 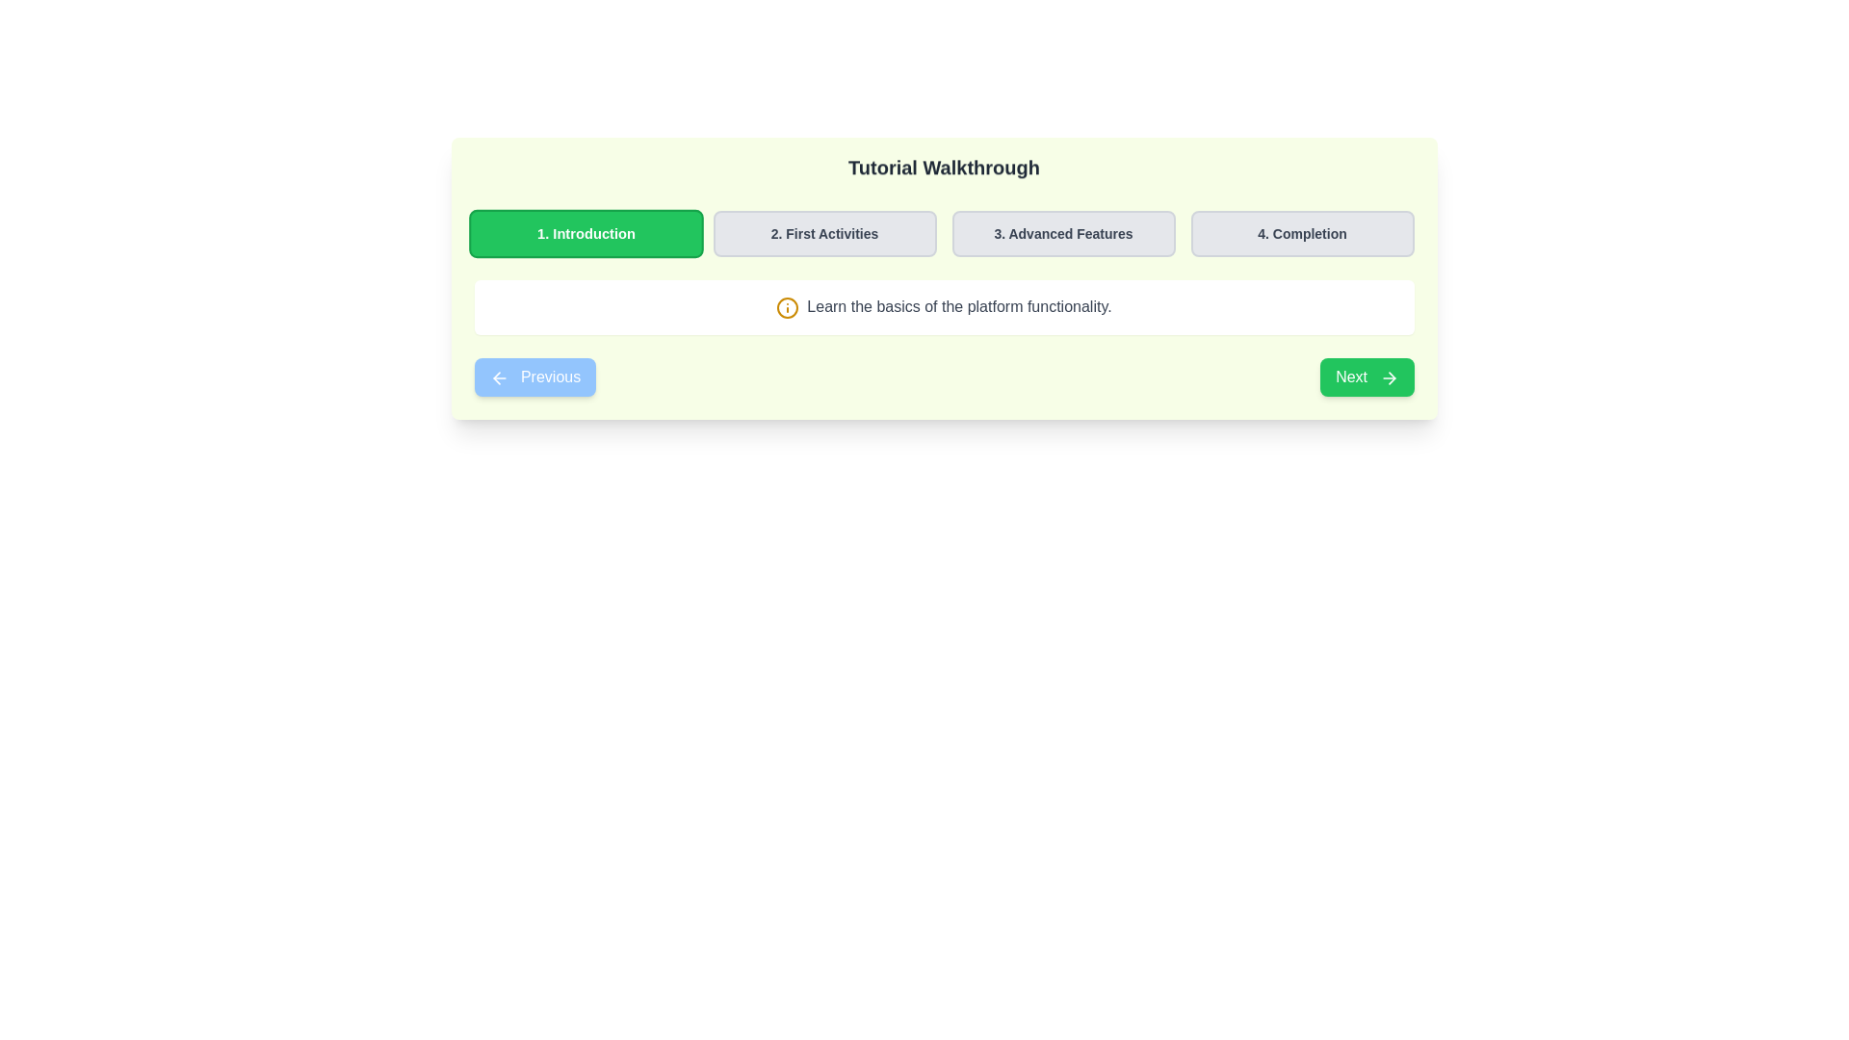 I want to click on the Heading text at the top center of the page, which serves as the title indicating the content's purpose, so click(x=944, y=170).